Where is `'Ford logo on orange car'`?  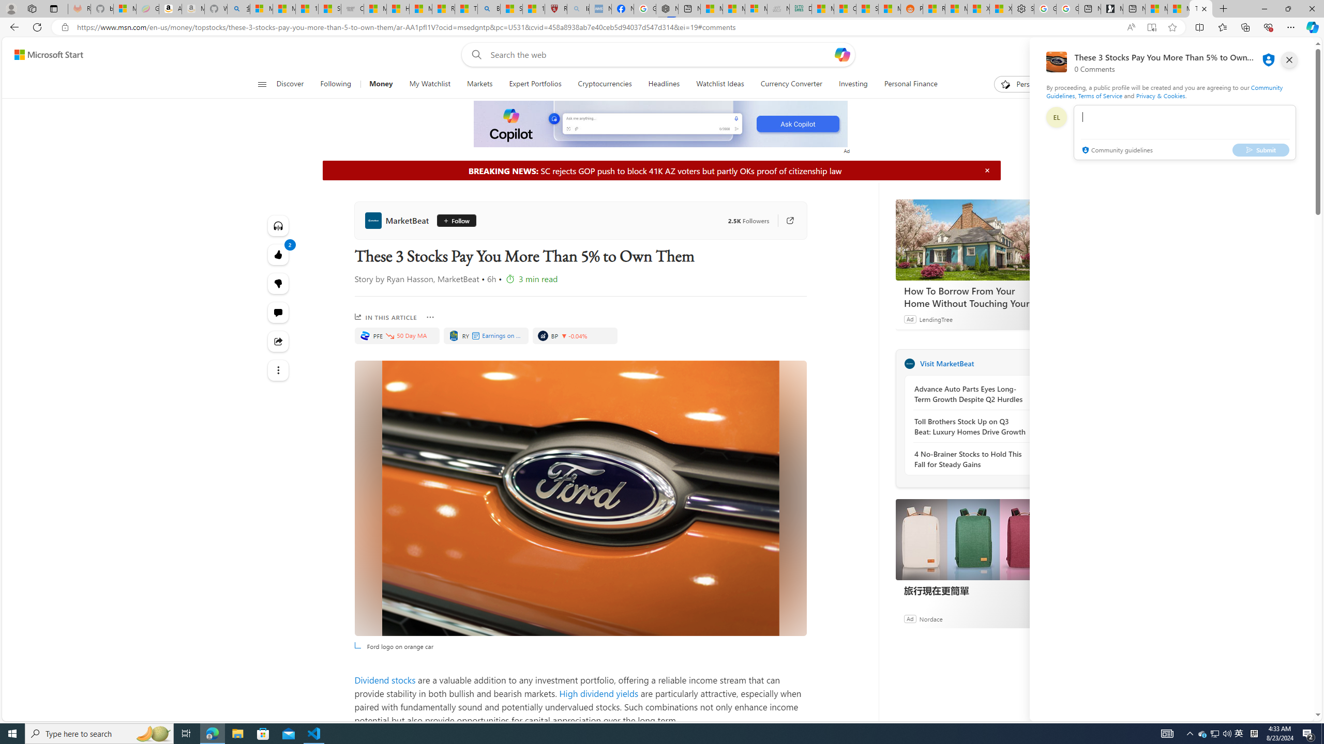 'Ford logo on orange car' is located at coordinates (580, 498).